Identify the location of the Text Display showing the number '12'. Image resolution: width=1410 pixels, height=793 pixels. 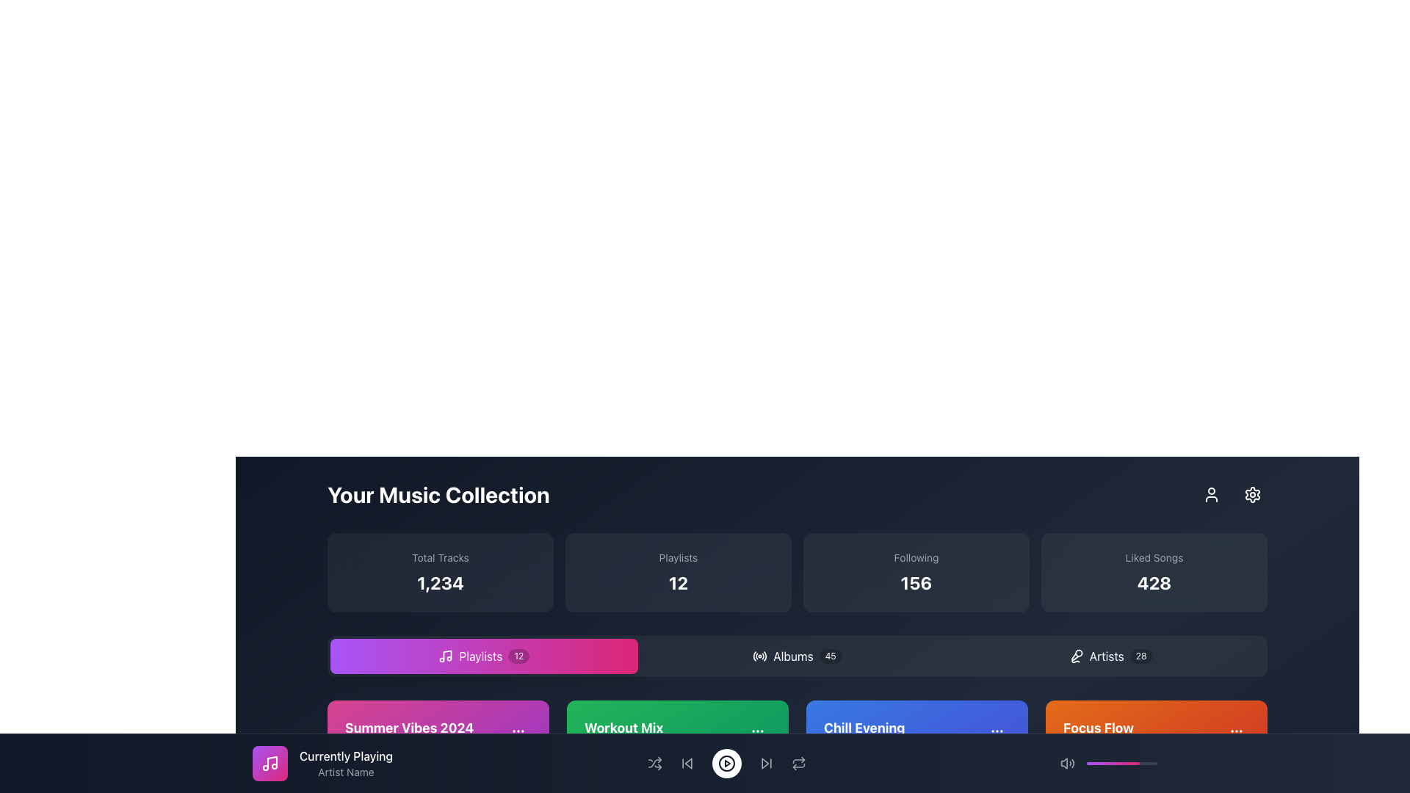
(678, 582).